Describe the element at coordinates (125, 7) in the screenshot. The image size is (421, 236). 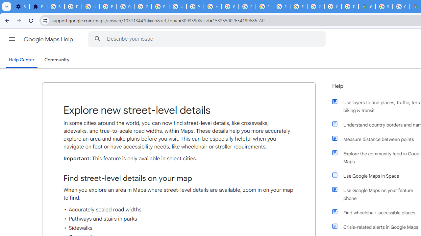
I see `'Google Account Help'` at that location.